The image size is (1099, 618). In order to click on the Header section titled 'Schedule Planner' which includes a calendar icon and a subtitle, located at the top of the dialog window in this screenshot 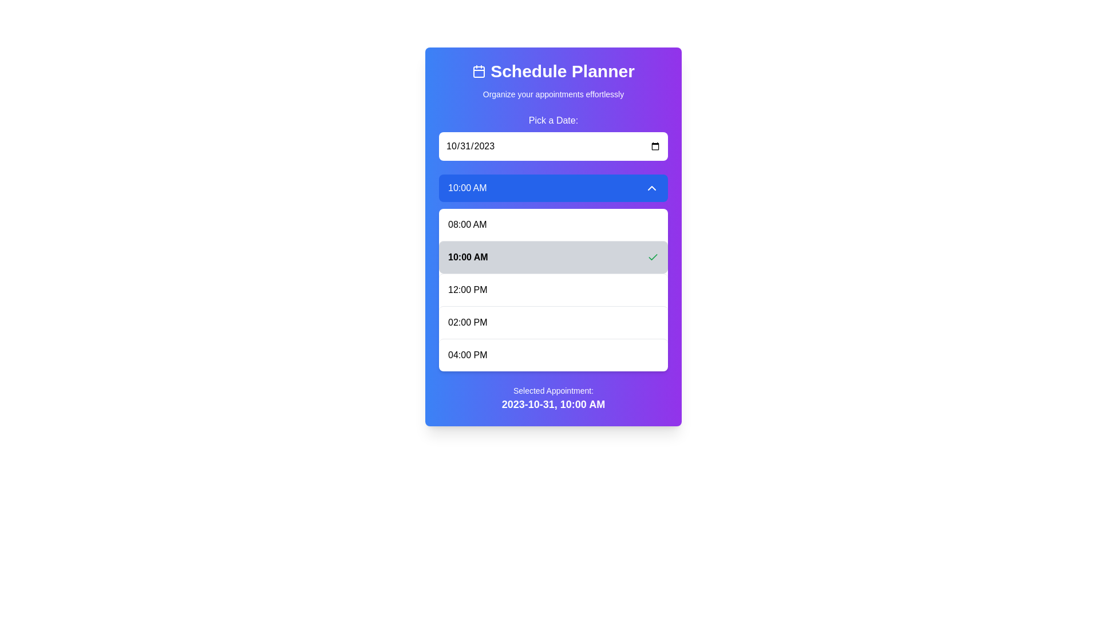, I will do `click(553, 80)`.